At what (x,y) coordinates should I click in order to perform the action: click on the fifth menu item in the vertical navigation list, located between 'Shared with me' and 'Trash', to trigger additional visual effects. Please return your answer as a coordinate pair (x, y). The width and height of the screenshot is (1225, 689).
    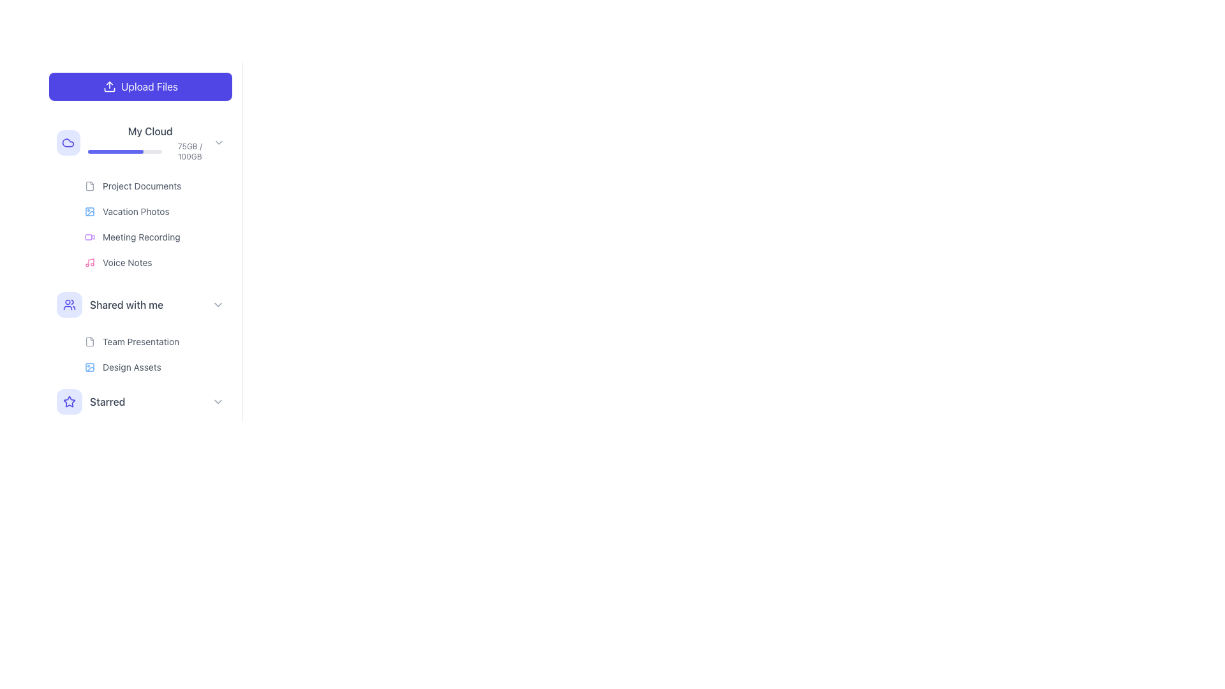
    Looking at the image, I should click on (140, 428).